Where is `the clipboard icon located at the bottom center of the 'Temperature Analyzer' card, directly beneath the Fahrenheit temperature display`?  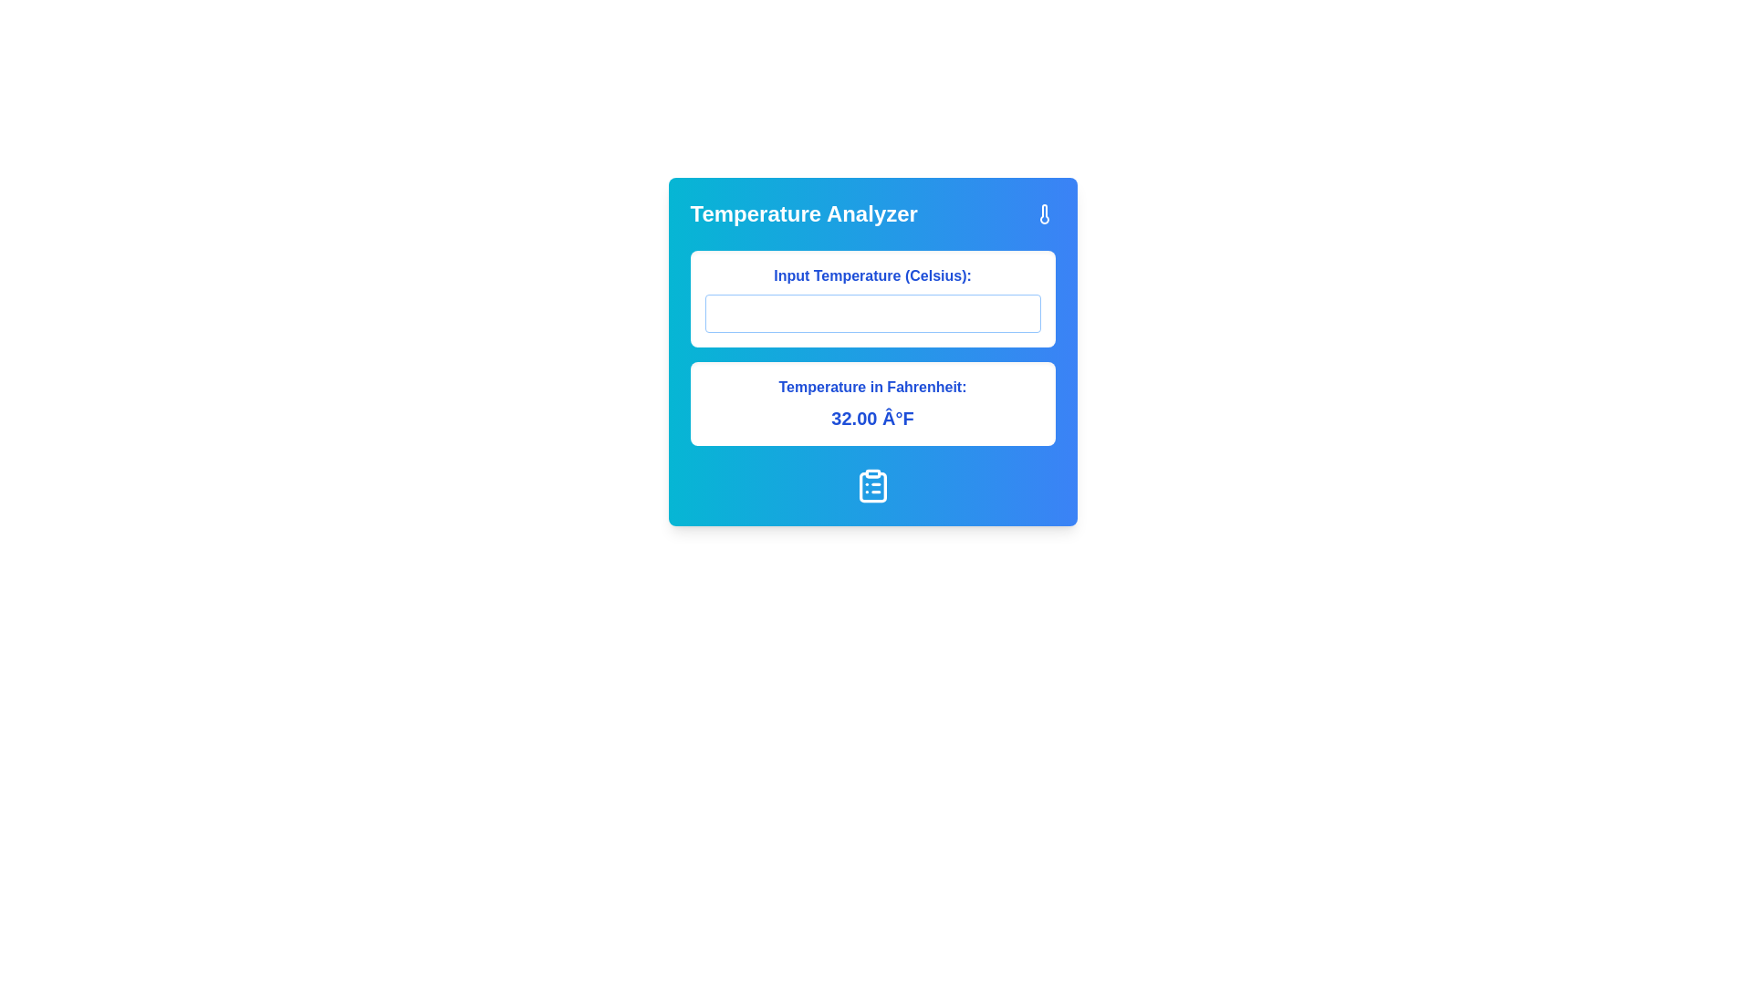
the clipboard icon located at the bottom center of the 'Temperature Analyzer' card, directly beneath the Fahrenheit temperature display is located at coordinates (871, 484).